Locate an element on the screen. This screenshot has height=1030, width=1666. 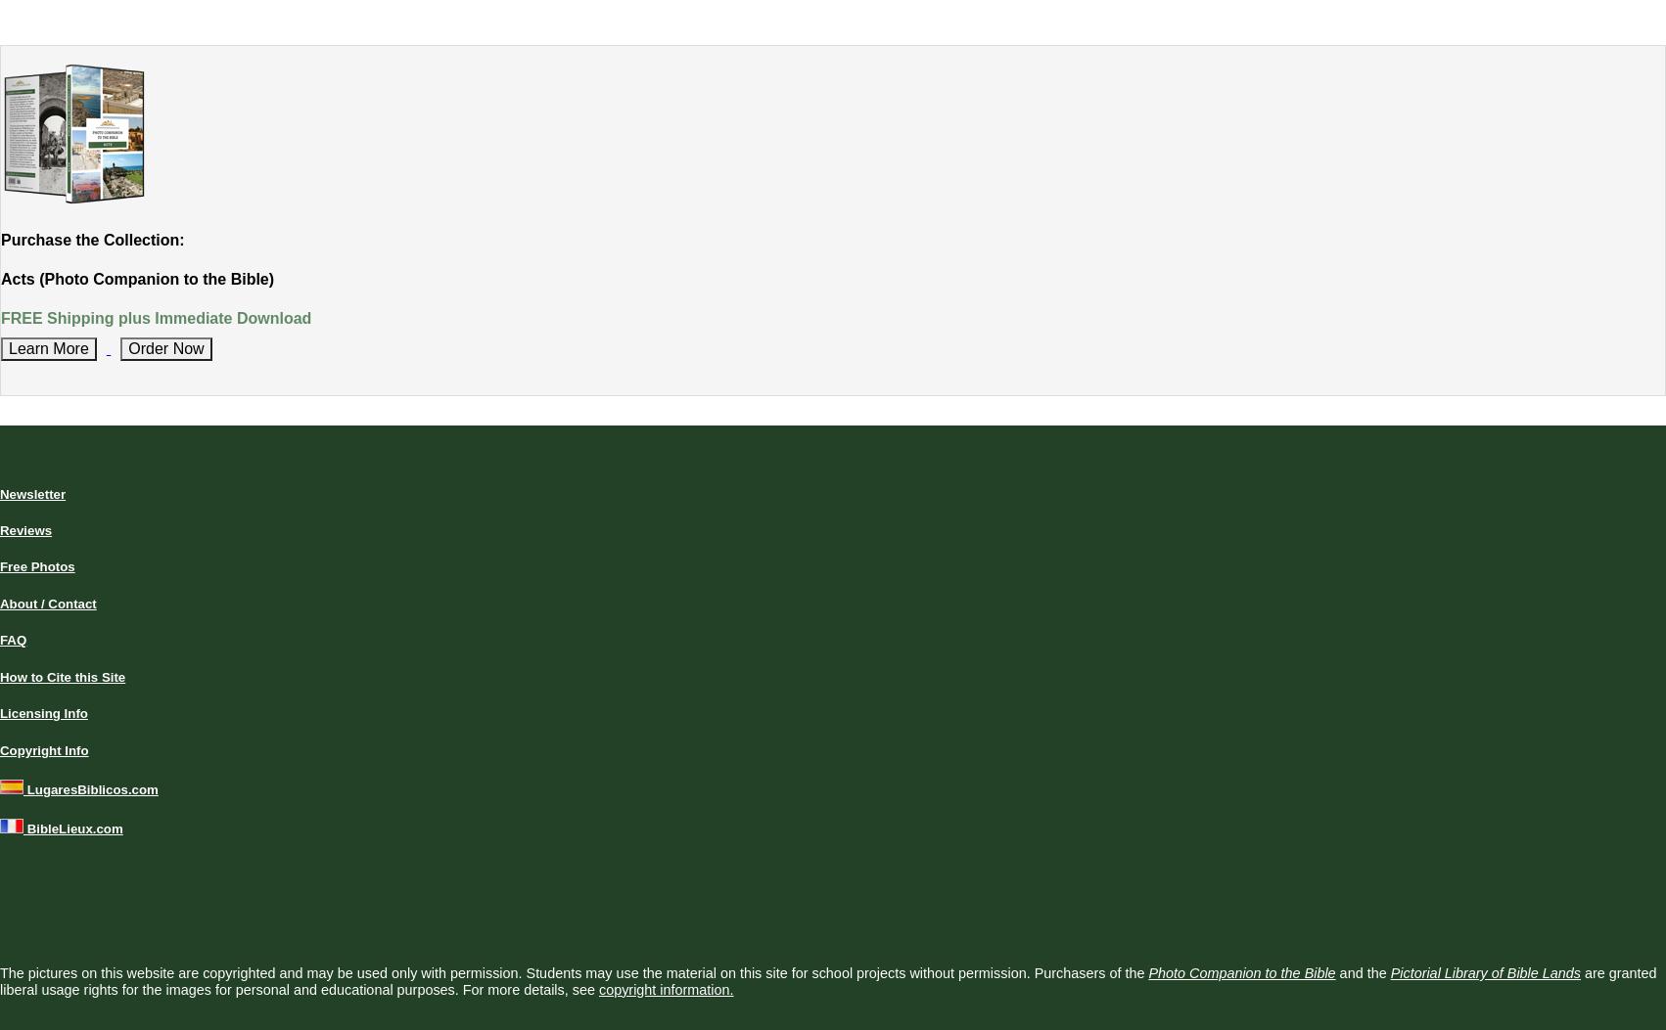
'Newsletter' is located at coordinates (32, 493).